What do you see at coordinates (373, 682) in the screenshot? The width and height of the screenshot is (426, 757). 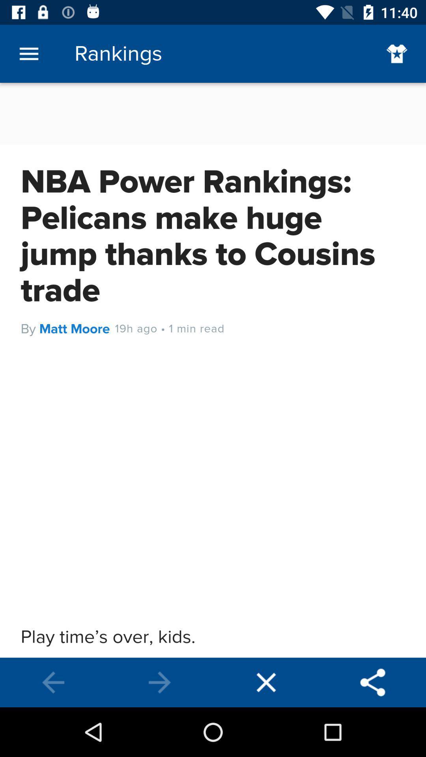 I see `share the article` at bounding box center [373, 682].